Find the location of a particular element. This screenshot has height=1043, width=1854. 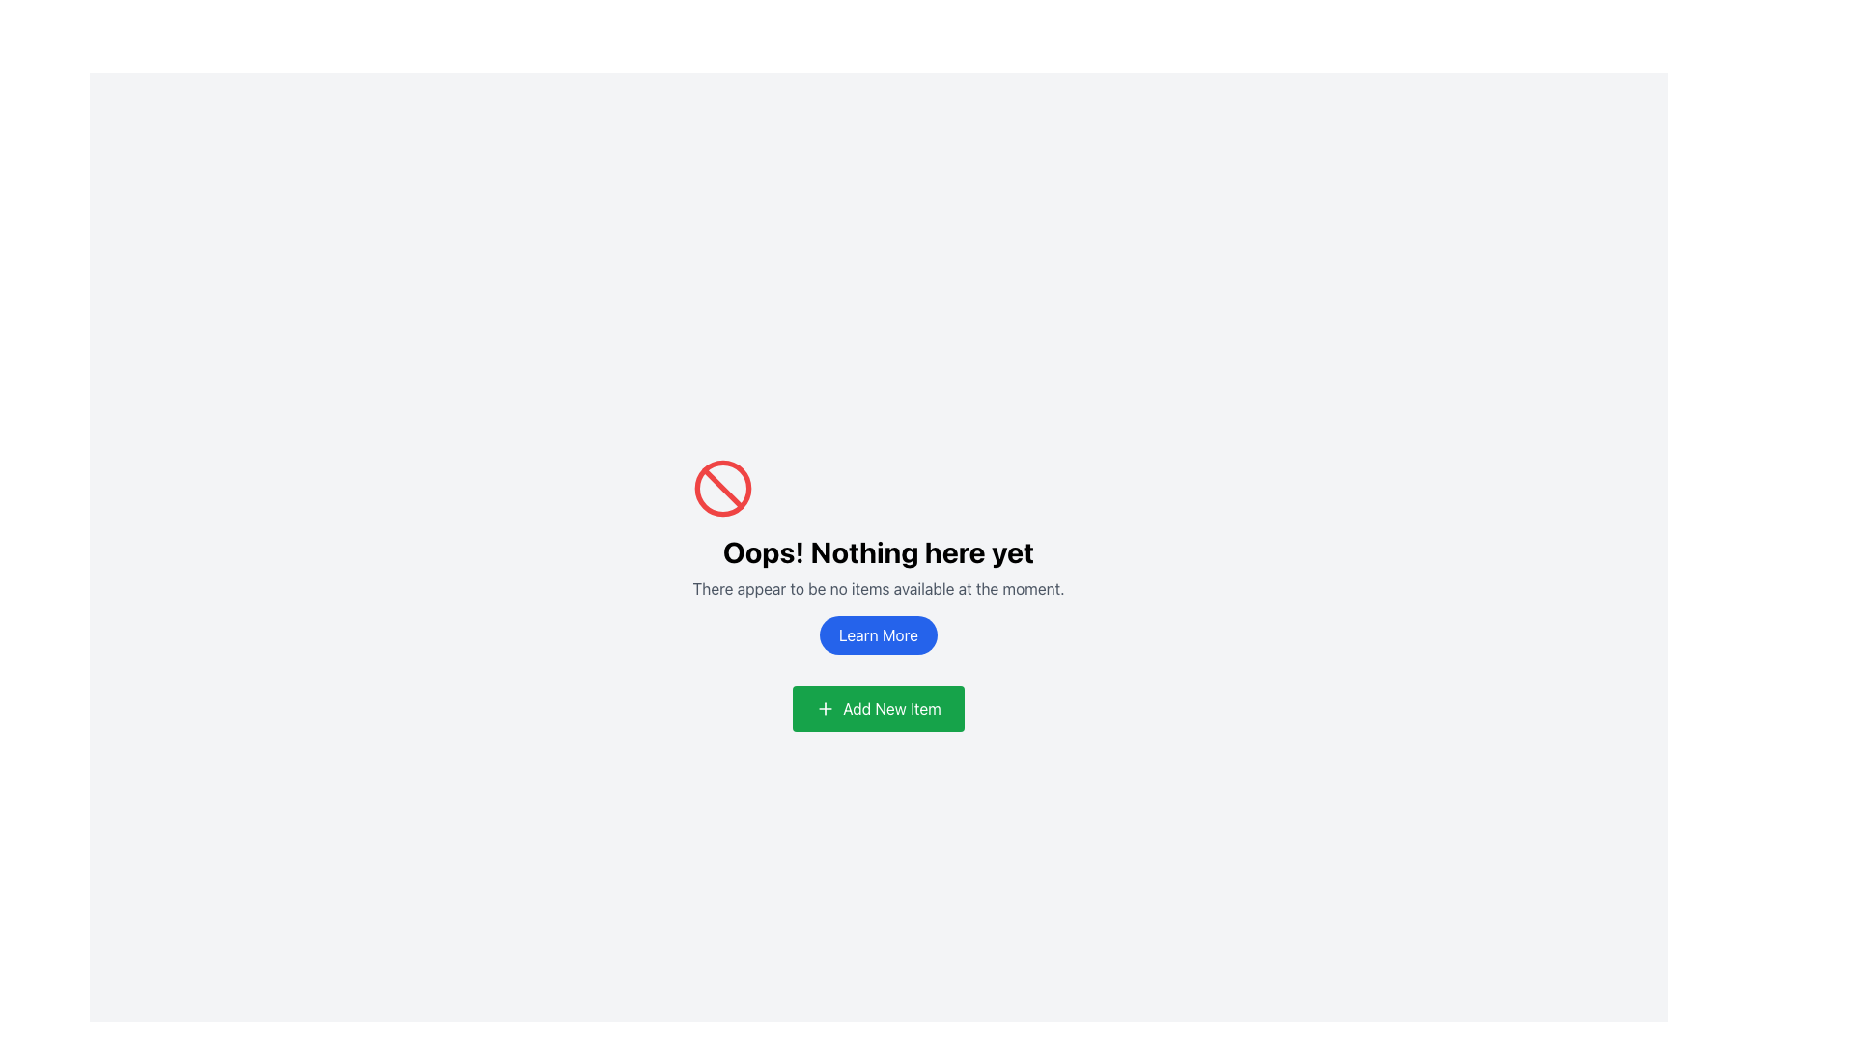

the Decorative SVG circle element that is part of the warning symbol displayed above the text 'Oops! Nothing here yet' is located at coordinates (722, 487).